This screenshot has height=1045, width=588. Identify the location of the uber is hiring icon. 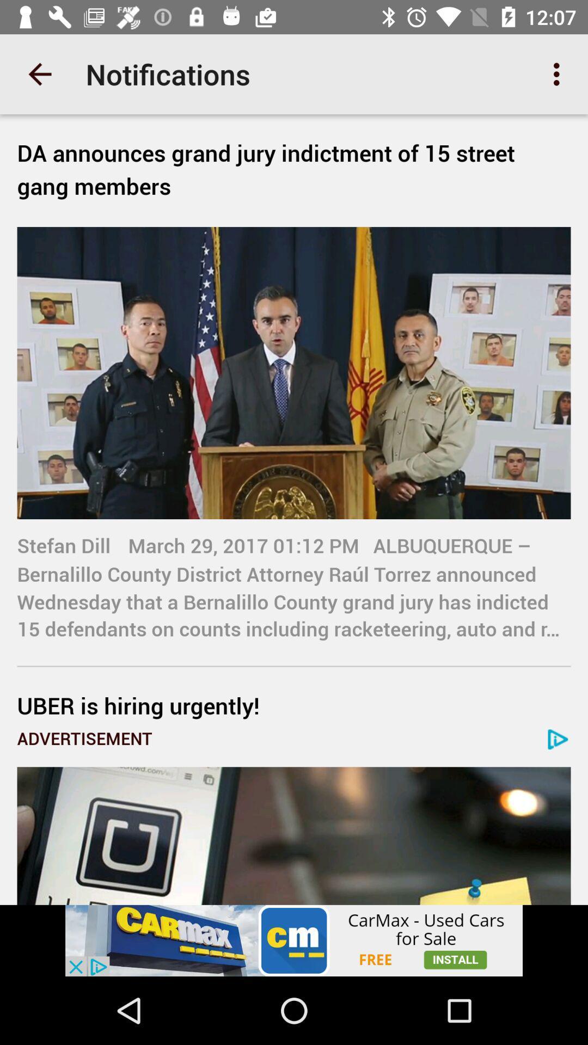
(294, 705).